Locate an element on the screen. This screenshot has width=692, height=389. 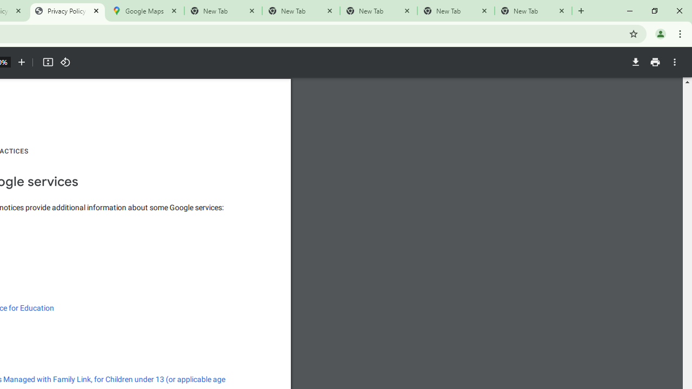
'Print' is located at coordinates (654, 62).